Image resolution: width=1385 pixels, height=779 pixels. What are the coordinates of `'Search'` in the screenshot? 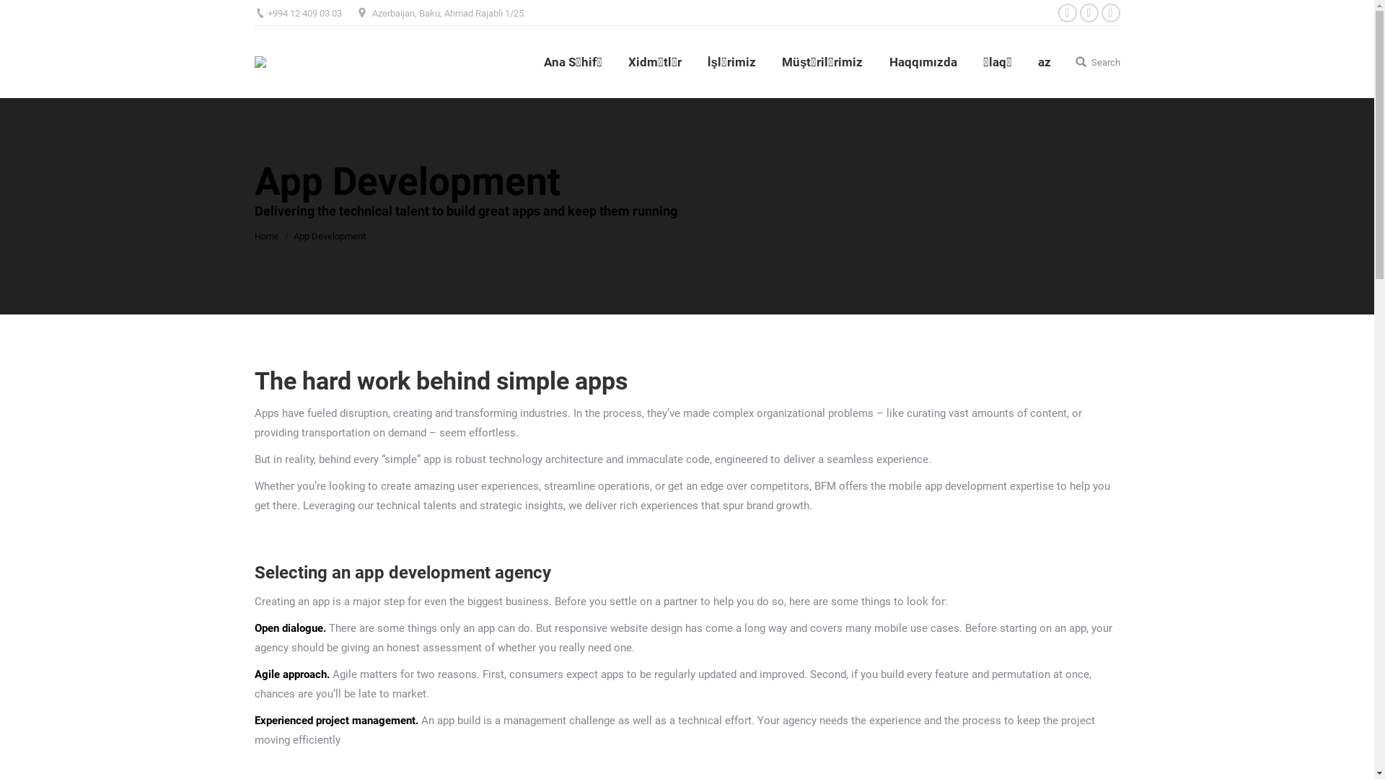 It's located at (1096, 61).